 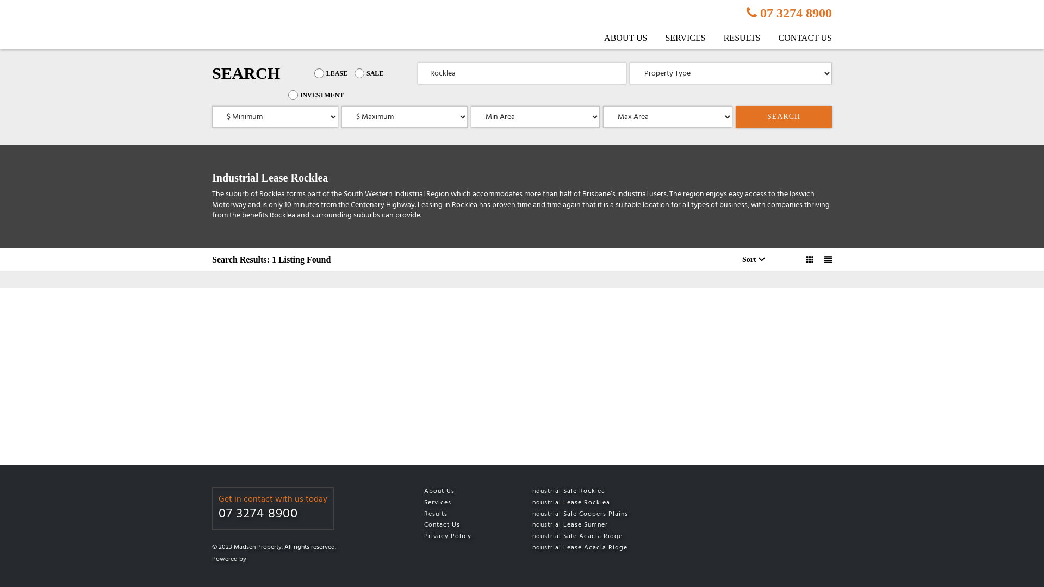 I want to click on 'Privacy Policy', so click(x=462, y=536).